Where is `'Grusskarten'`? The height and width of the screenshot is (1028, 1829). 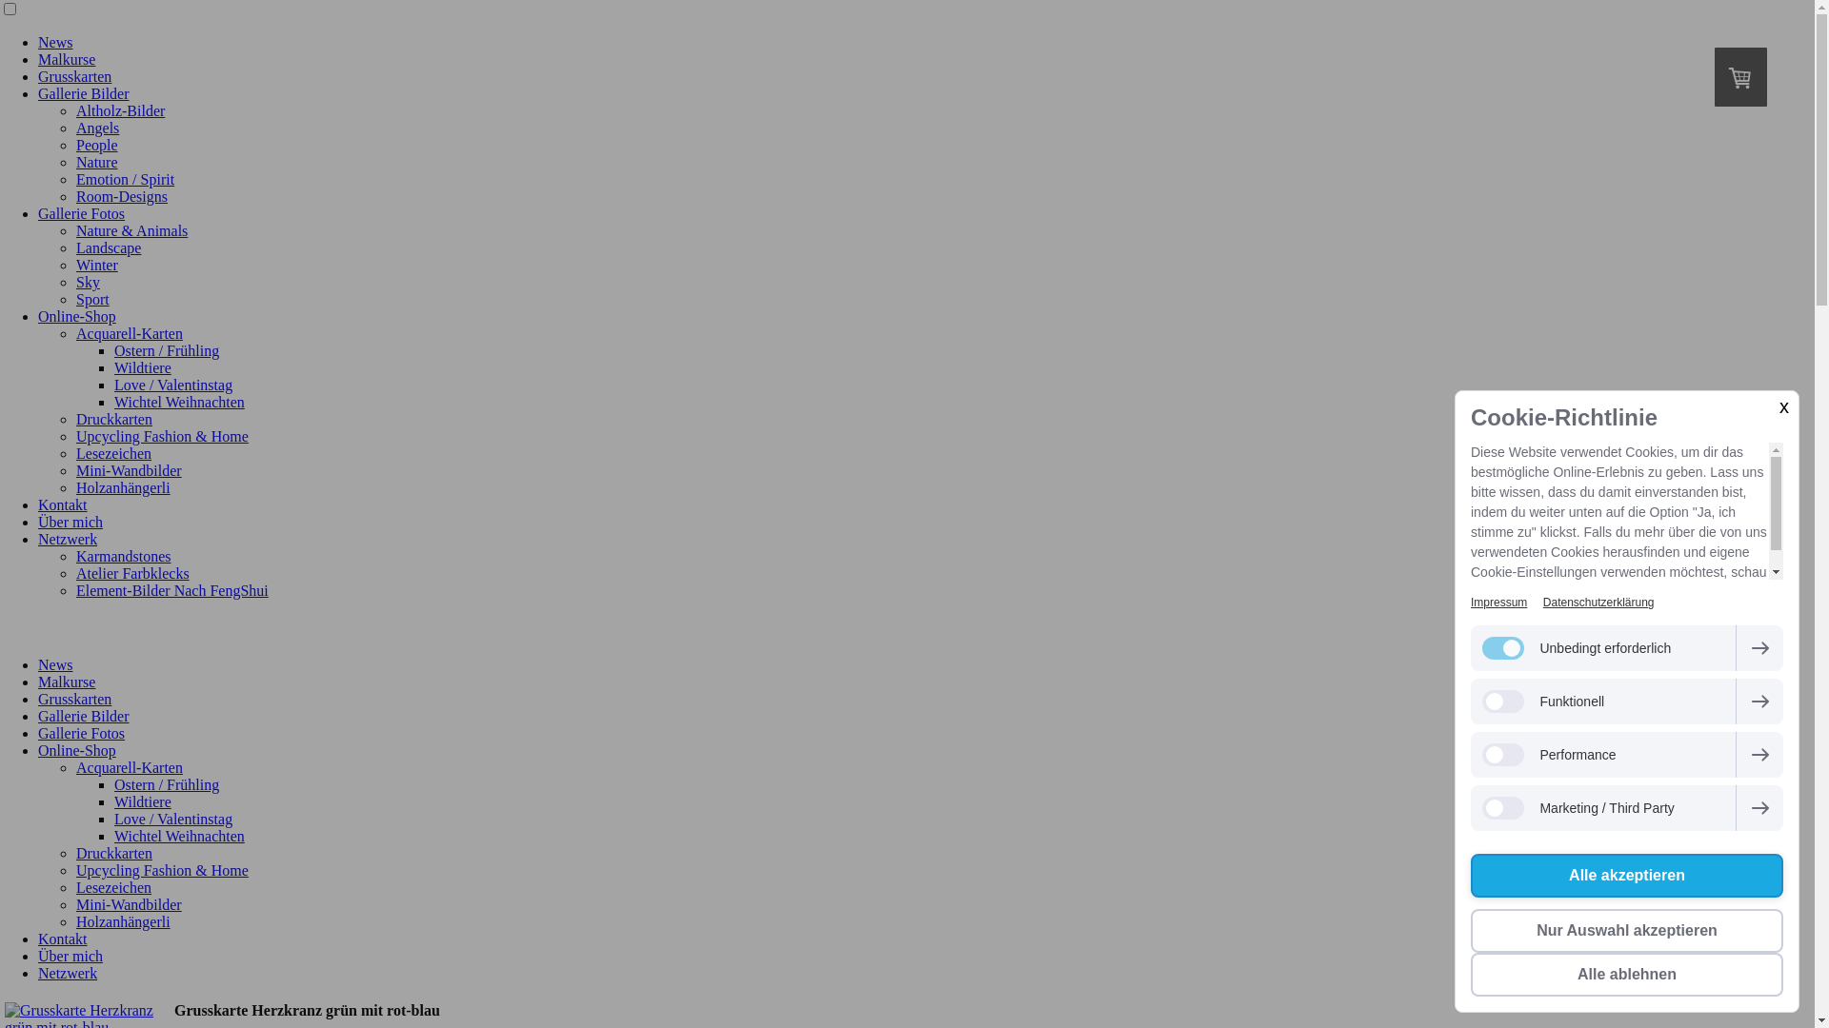
'Grusskarten' is located at coordinates (74, 75).